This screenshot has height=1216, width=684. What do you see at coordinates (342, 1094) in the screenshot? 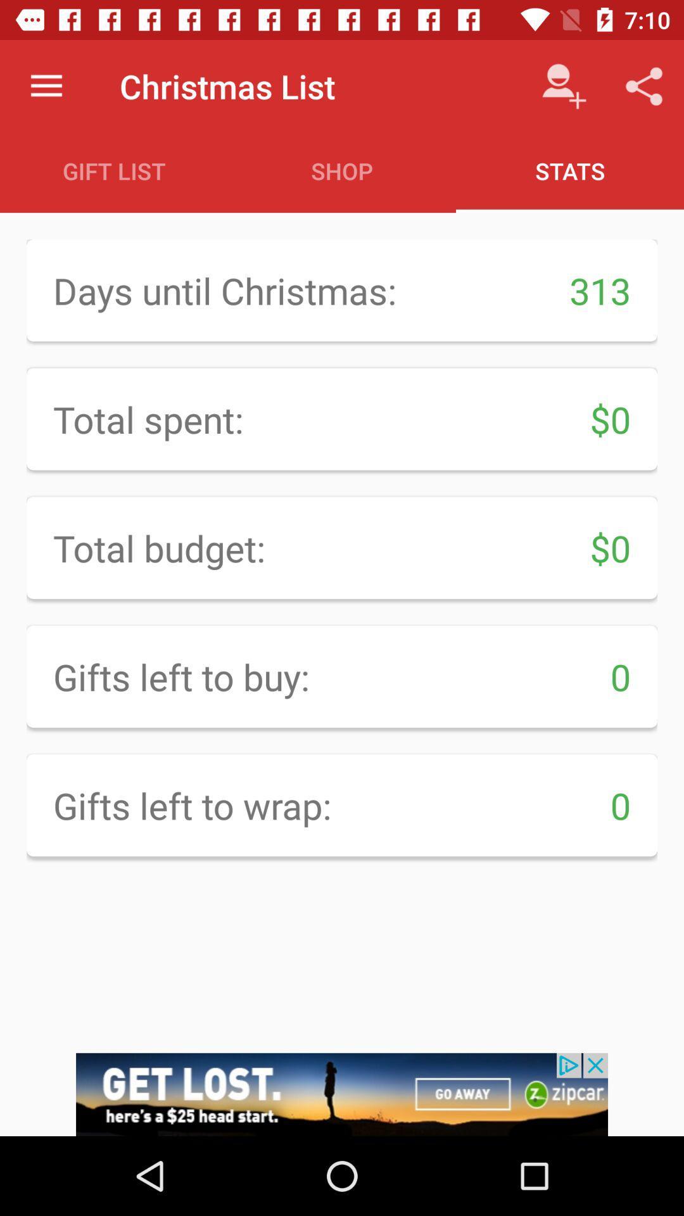
I see `advertisement` at bounding box center [342, 1094].